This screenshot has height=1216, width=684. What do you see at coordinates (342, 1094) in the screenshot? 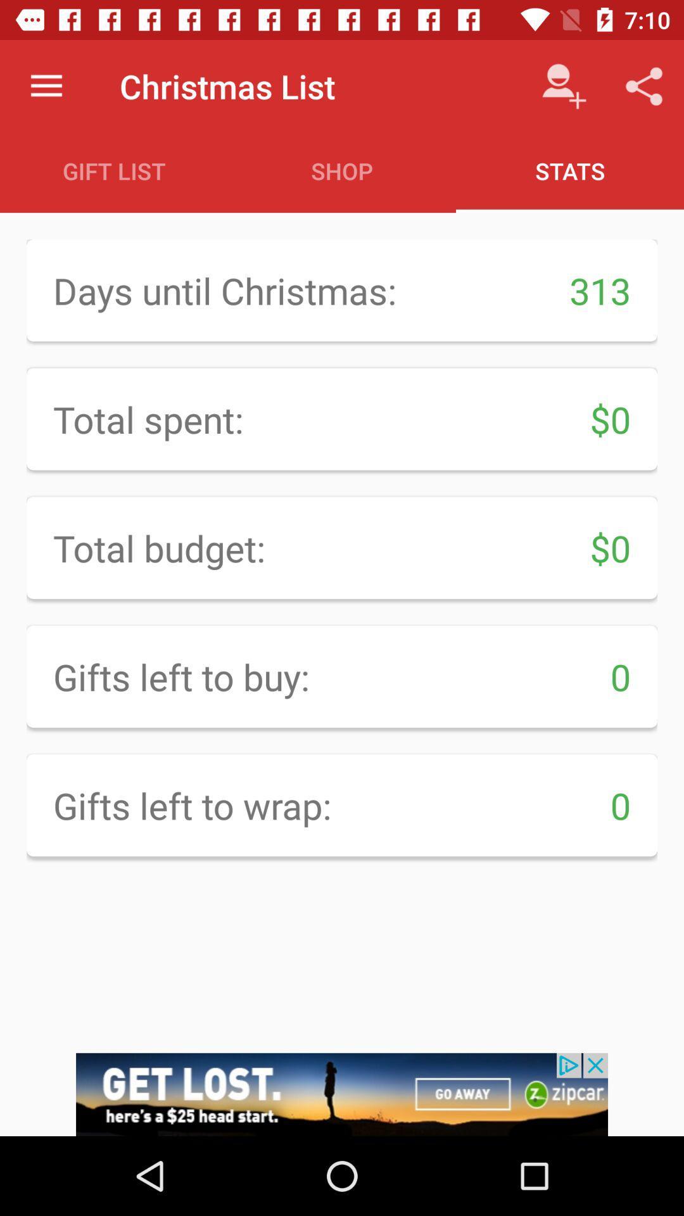
I see `advertisement` at bounding box center [342, 1094].